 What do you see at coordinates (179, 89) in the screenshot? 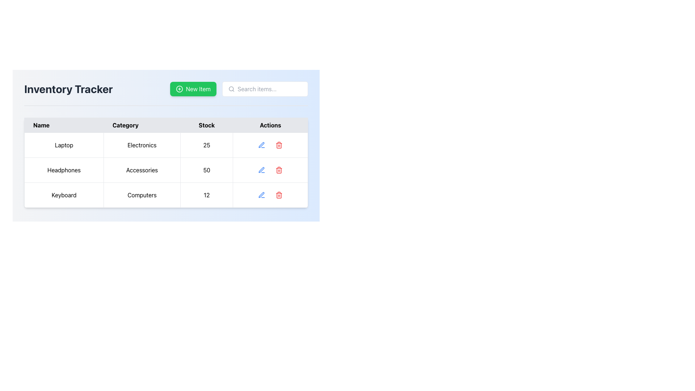
I see `the circular decorative shape with a plus symbol inside, located on the left side of the 'New Item' button in the top bar` at bounding box center [179, 89].